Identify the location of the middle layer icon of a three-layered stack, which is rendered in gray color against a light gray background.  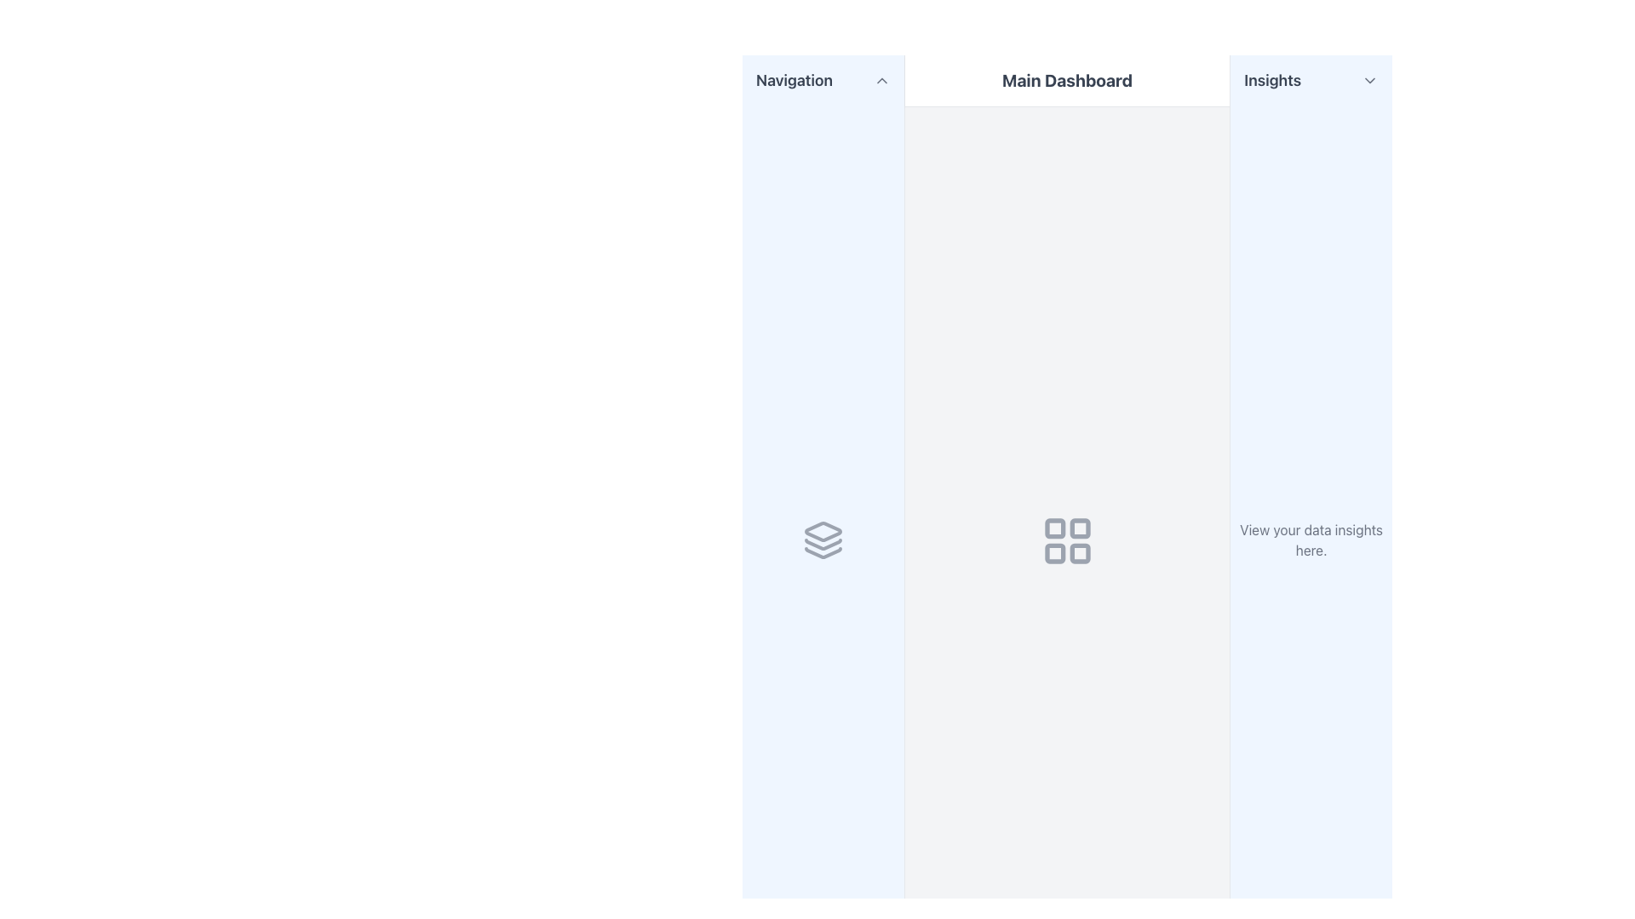
(823, 545).